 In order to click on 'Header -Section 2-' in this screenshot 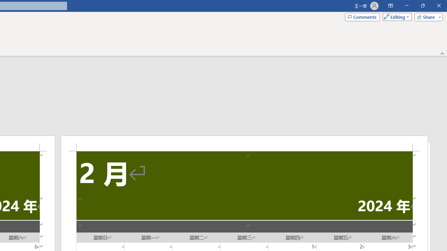, I will do `click(244, 143)`.